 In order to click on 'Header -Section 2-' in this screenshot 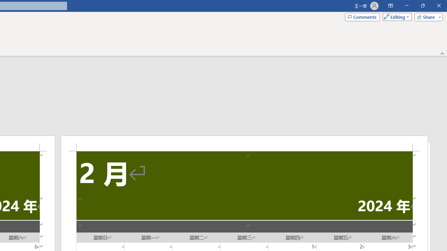, I will do `click(244, 143)`.